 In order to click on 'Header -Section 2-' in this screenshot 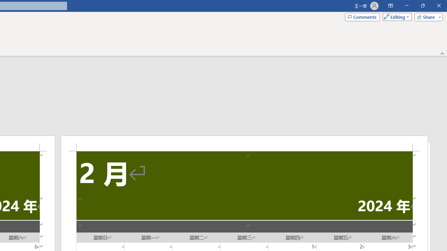, I will do `click(244, 143)`.